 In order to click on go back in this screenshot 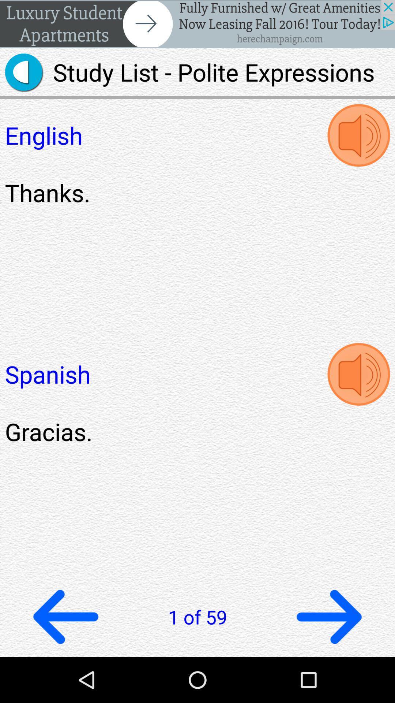, I will do `click(66, 616)`.